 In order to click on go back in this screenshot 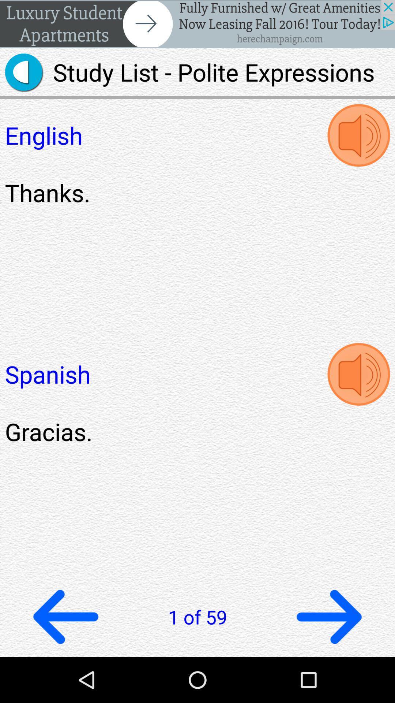, I will do `click(66, 616)`.